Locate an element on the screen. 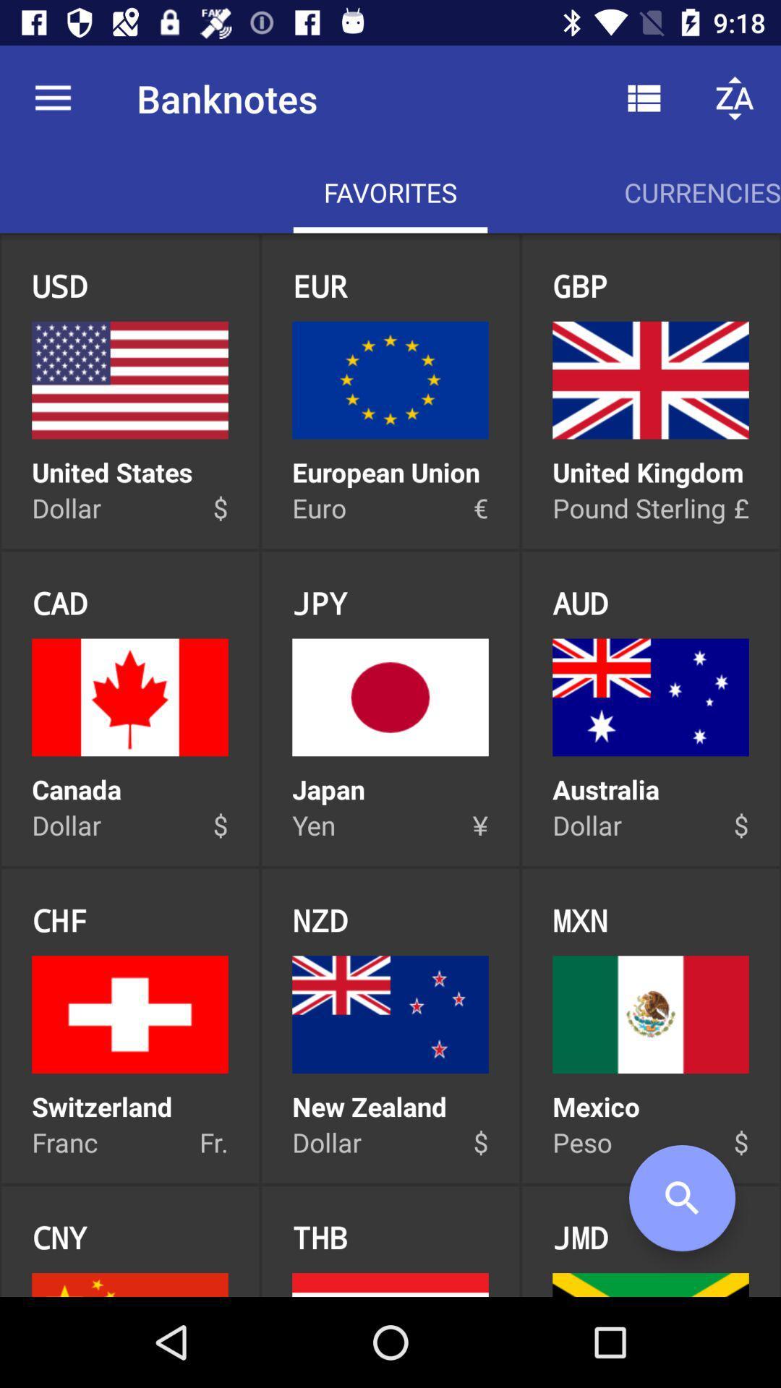 The image size is (781, 1388). item above the currencies app is located at coordinates (735, 98).